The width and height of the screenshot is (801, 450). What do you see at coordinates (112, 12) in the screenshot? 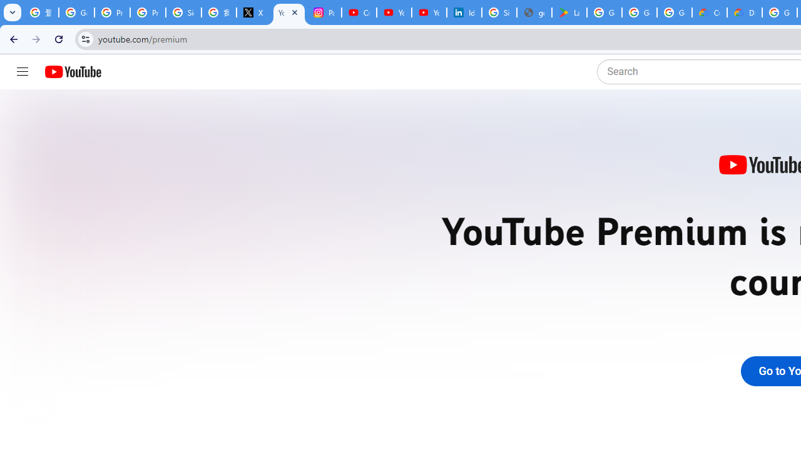
I see `'Privacy Help Center - Policies Help'` at bounding box center [112, 12].